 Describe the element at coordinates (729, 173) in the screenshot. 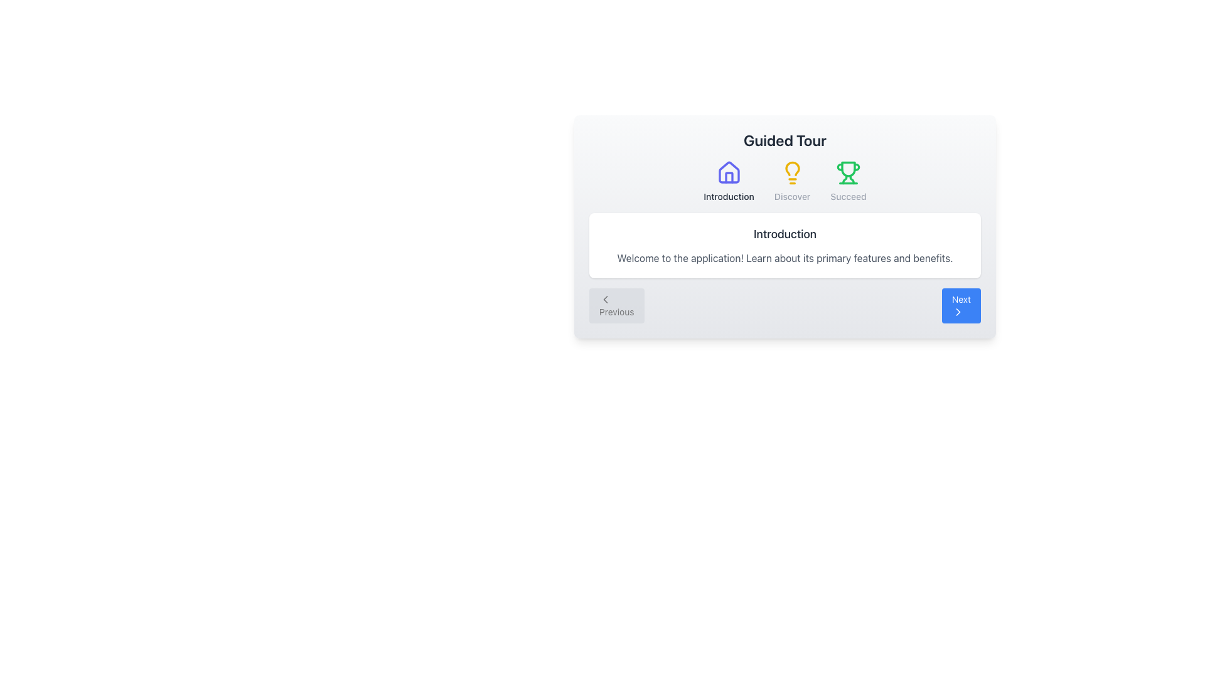

I see `the house-shaped icon with a purple-blue outline` at that location.